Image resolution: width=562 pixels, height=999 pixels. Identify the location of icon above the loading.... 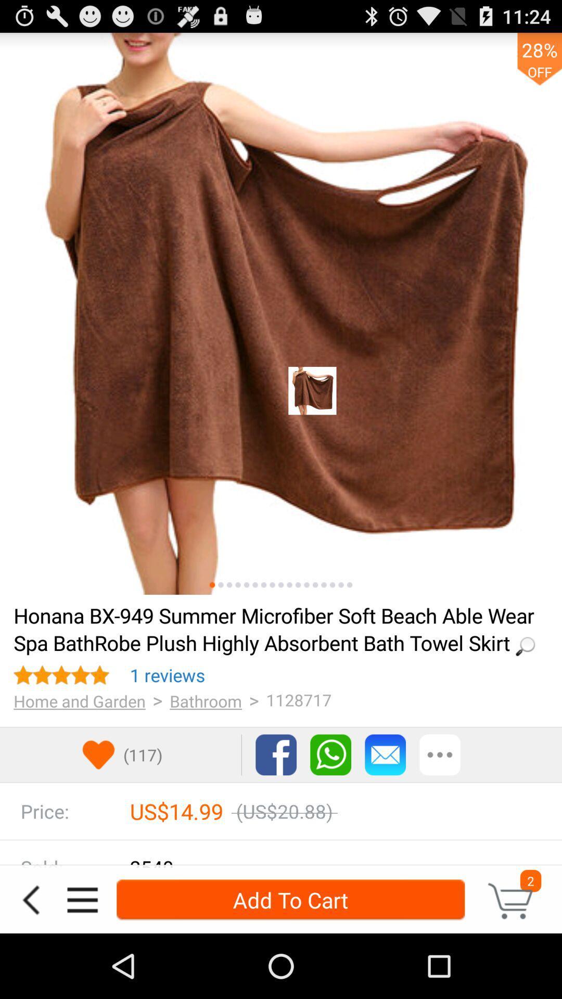
(255, 585).